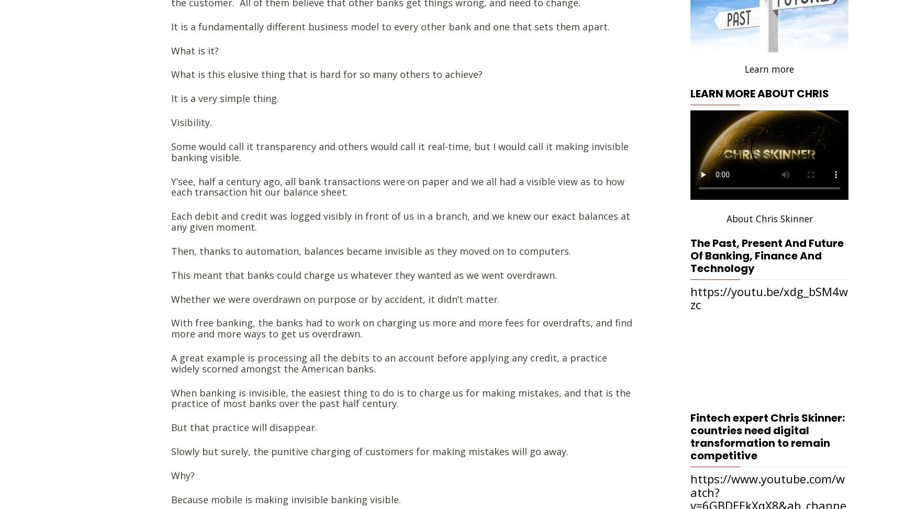 The height and width of the screenshot is (509, 916). What do you see at coordinates (759, 93) in the screenshot?
I see `'Learn more about Chris'` at bounding box center [759, 93].